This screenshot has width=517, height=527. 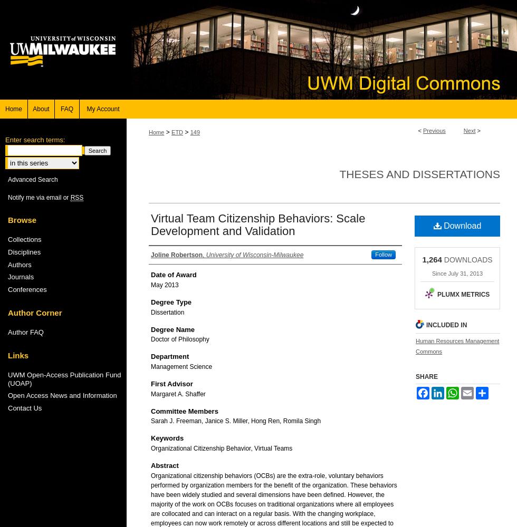 What do you see at coordinates (7, 355) in the screenshot?
I see `'Links'` at bounding box center [7, 355].